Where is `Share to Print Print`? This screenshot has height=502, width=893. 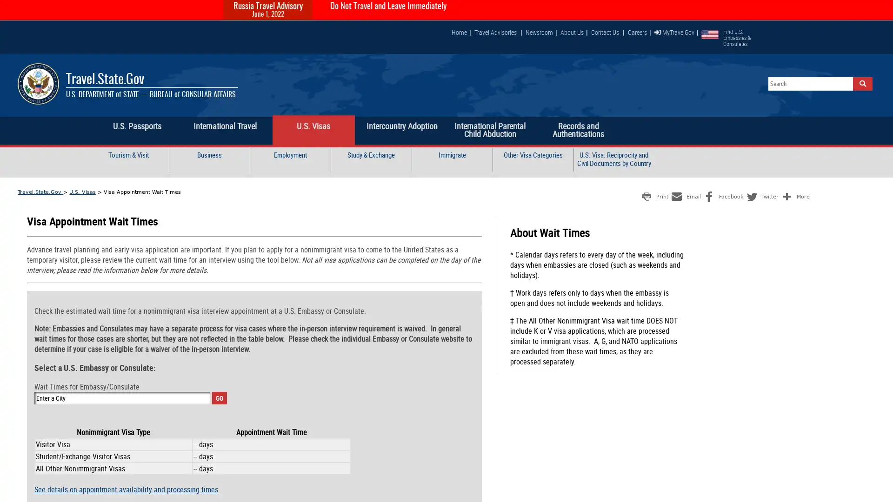
Share to Print Print is located at coordinates (653, 195).